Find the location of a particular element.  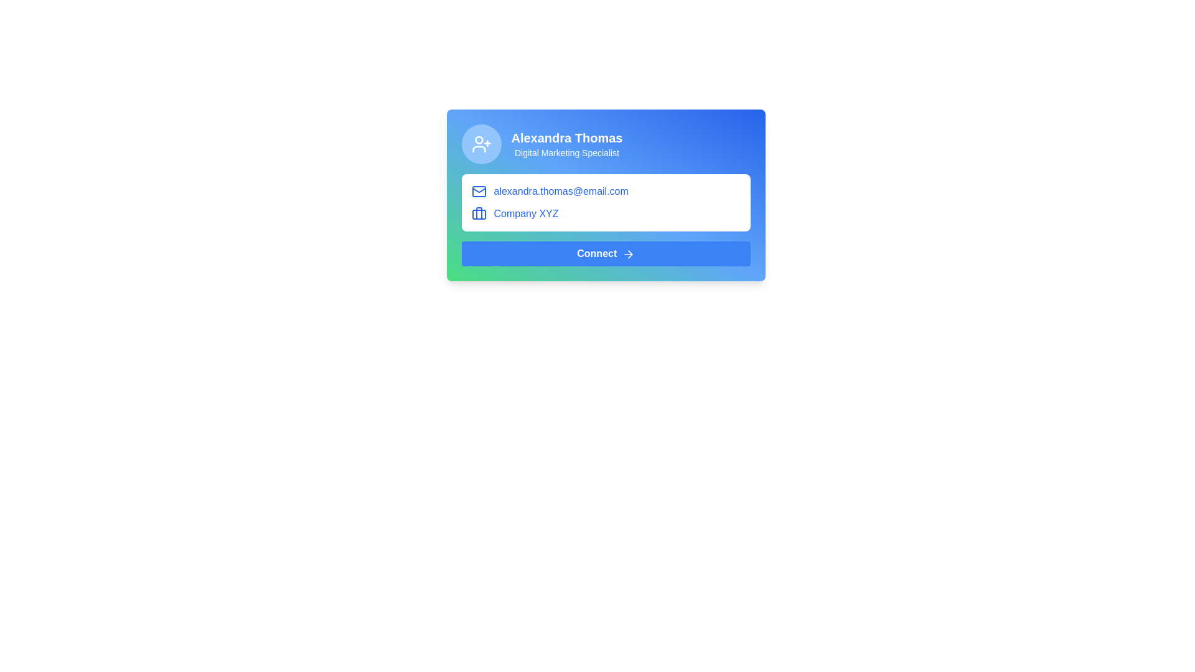

the envelope icon representing email, which is styled in blue and located to the left of the email address 'alexandra.thomas@email.com.' is located at coordinates (478, 192).